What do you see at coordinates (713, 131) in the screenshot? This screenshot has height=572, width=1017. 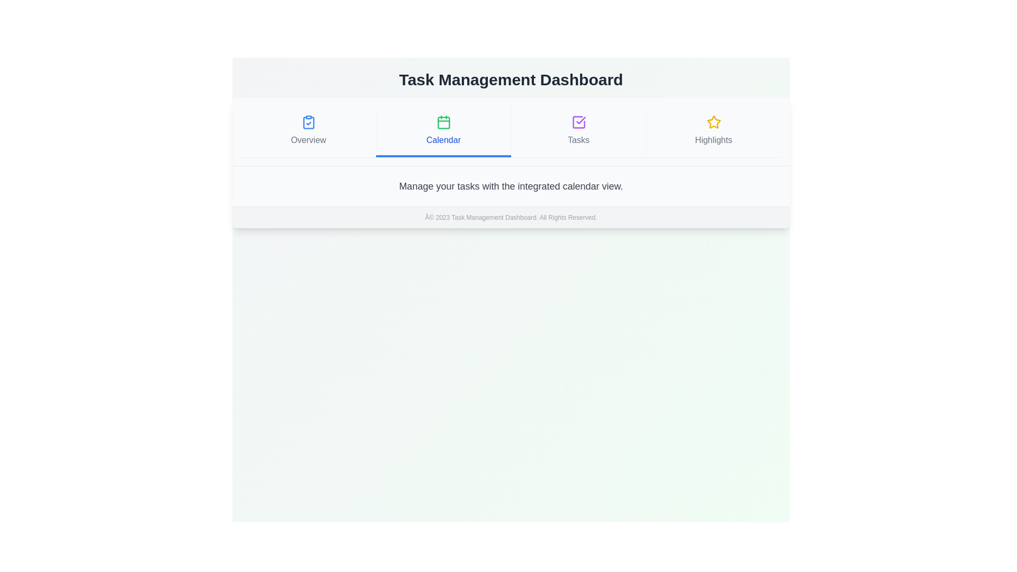 I see `the 'Highlights' tabbed navigation button, which features a yellow star icon and gray text, to observe its hover effects` at bounding box center [713, 131].